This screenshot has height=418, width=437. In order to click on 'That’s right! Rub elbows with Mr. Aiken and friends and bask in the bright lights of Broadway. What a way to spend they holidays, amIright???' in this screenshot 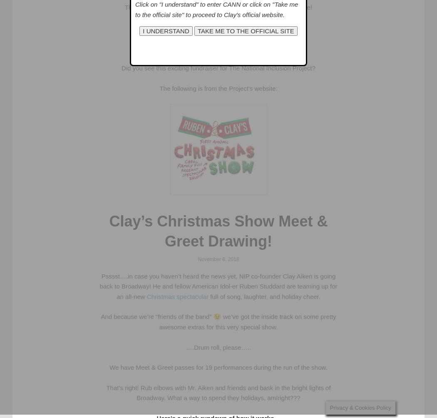, I will do `click(218, 392)`.